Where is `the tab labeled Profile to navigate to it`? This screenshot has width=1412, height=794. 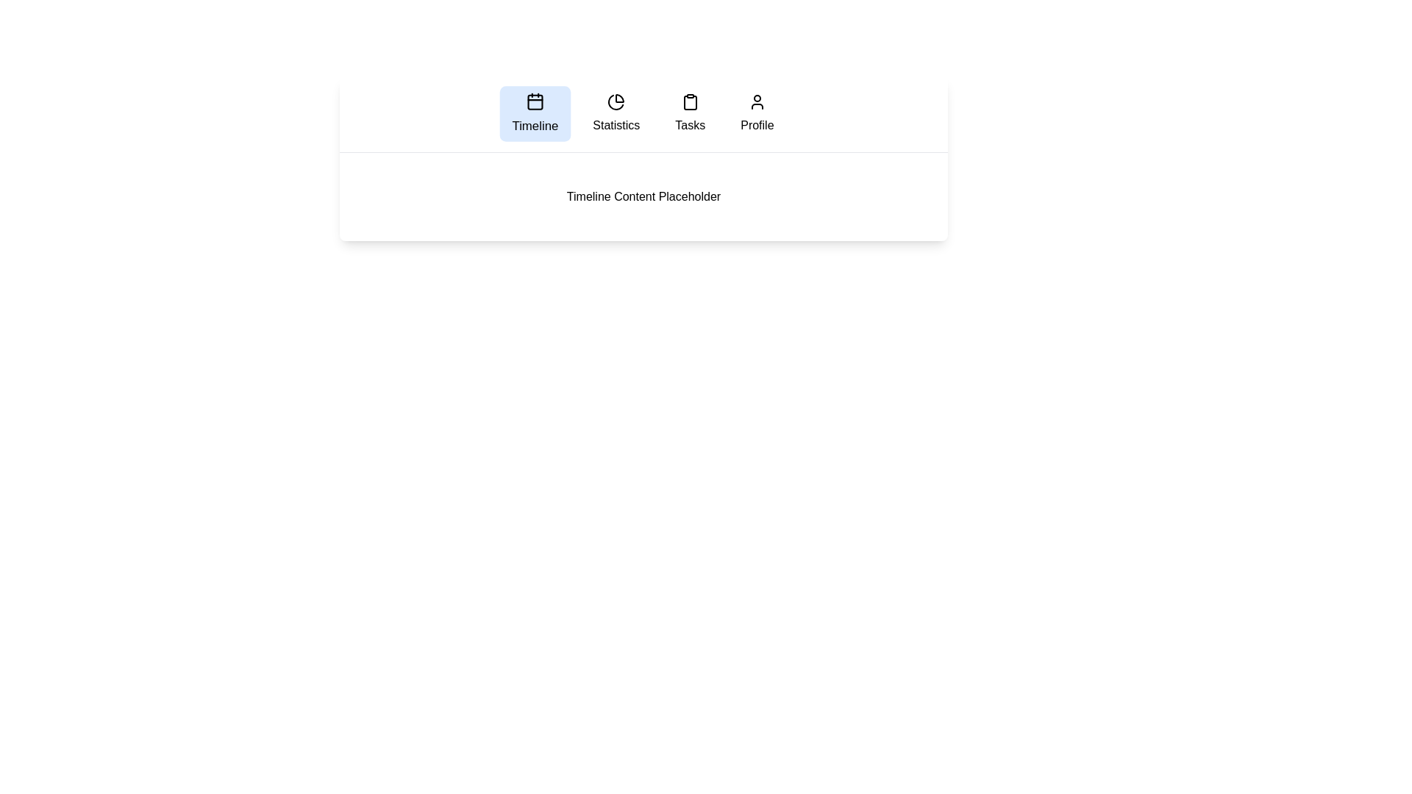 the tab labeled Profile to navigate to it is located at coordinates (757, 112).